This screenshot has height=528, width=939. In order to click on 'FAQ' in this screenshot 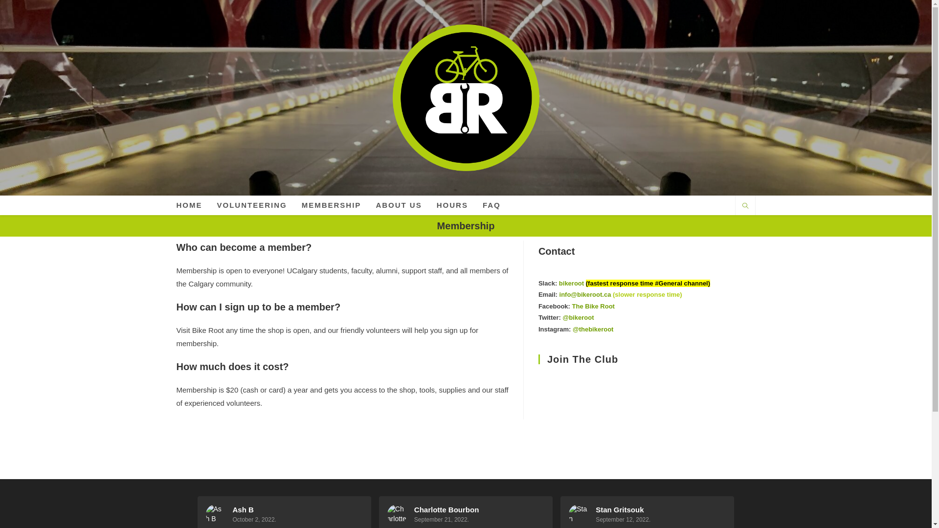, I will do `click(475, 205)`.